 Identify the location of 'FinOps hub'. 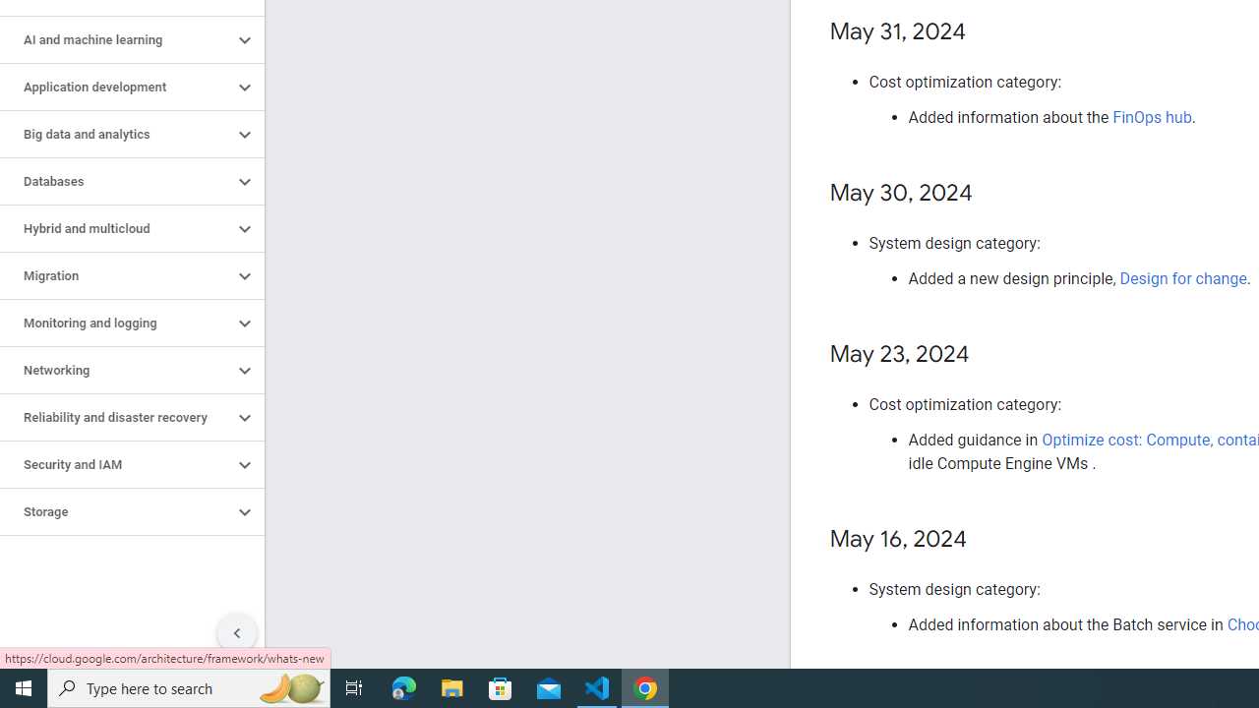
(1152, 117).